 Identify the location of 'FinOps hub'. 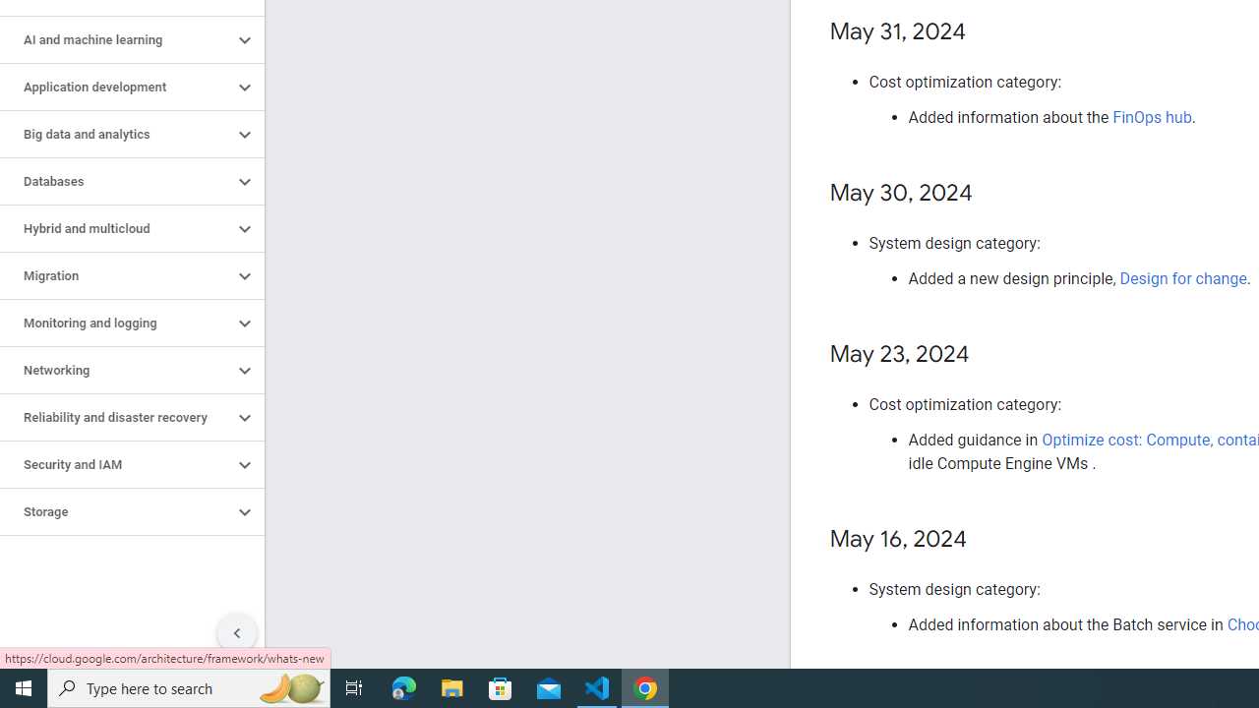
(1152, 117).